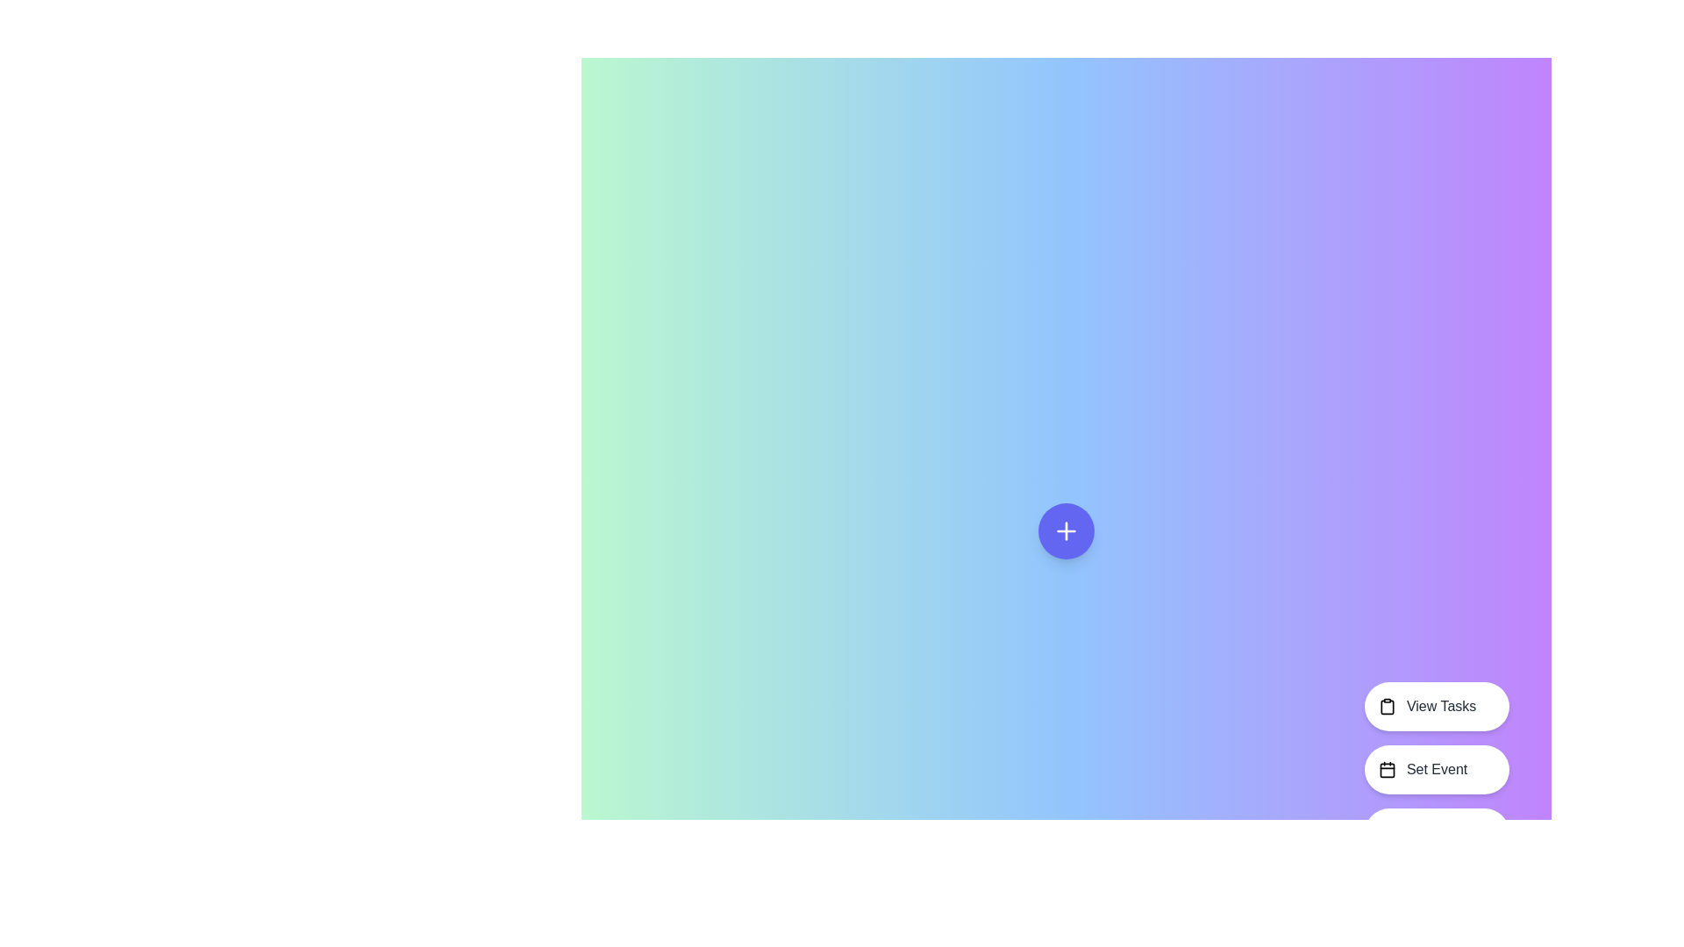  Describe the element at coordinates (1065, 530) in the screenshot. I see `the isolated add button located slightly towards the bottom-right of the interface` at that location.